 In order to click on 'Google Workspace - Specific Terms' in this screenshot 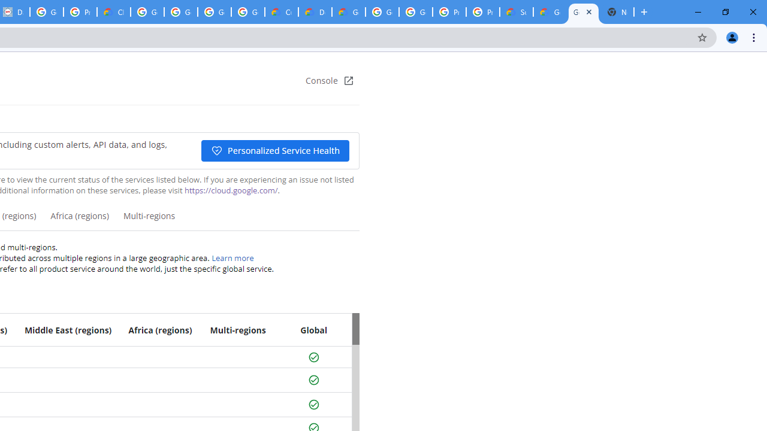, I will do `click(215, 12)`.